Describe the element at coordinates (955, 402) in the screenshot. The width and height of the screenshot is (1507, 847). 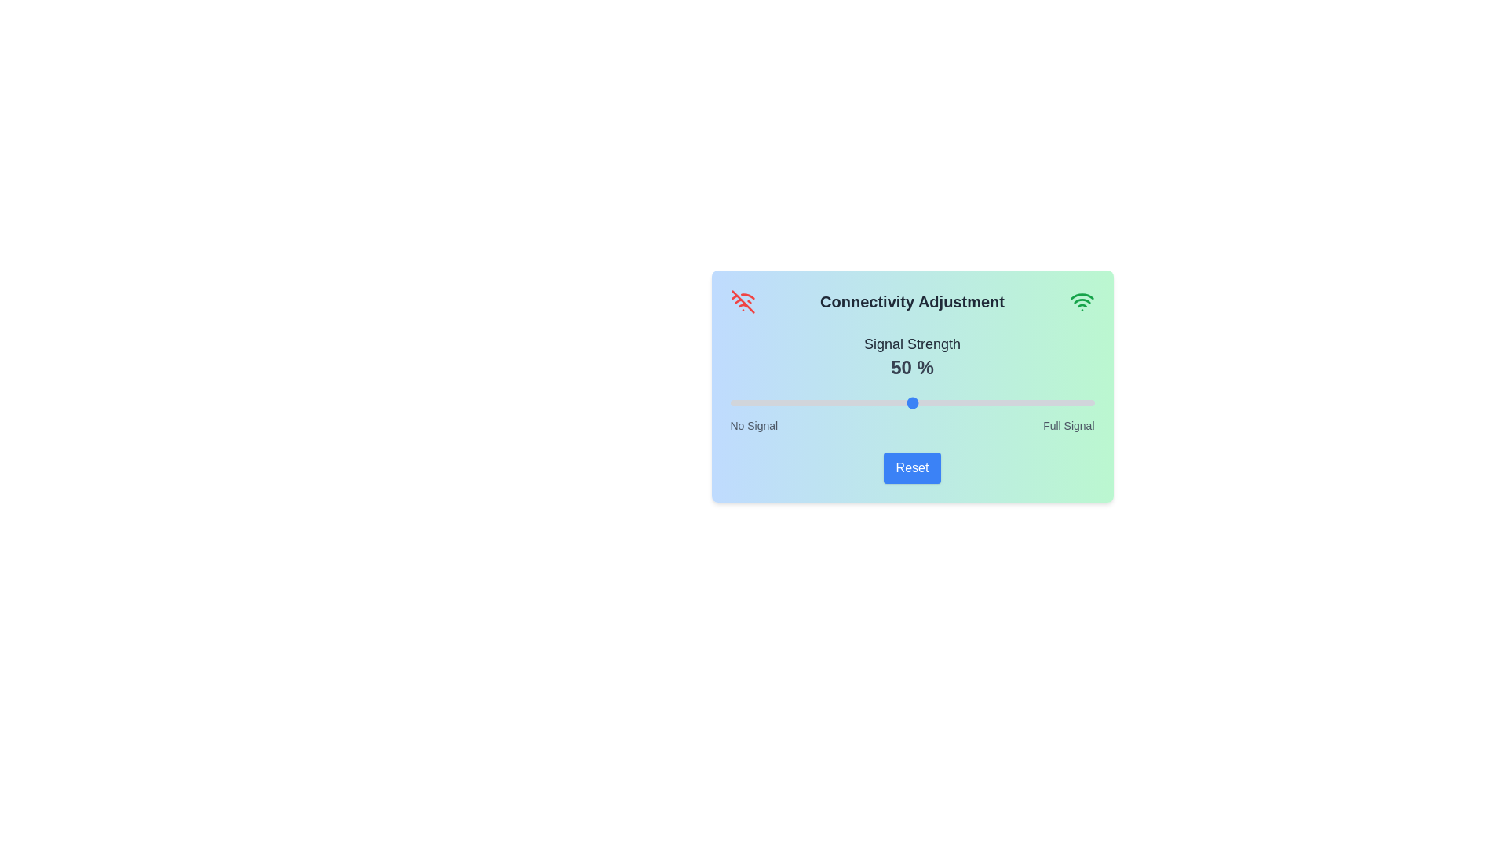
I see `the signal strength slider to 62%` at that location.